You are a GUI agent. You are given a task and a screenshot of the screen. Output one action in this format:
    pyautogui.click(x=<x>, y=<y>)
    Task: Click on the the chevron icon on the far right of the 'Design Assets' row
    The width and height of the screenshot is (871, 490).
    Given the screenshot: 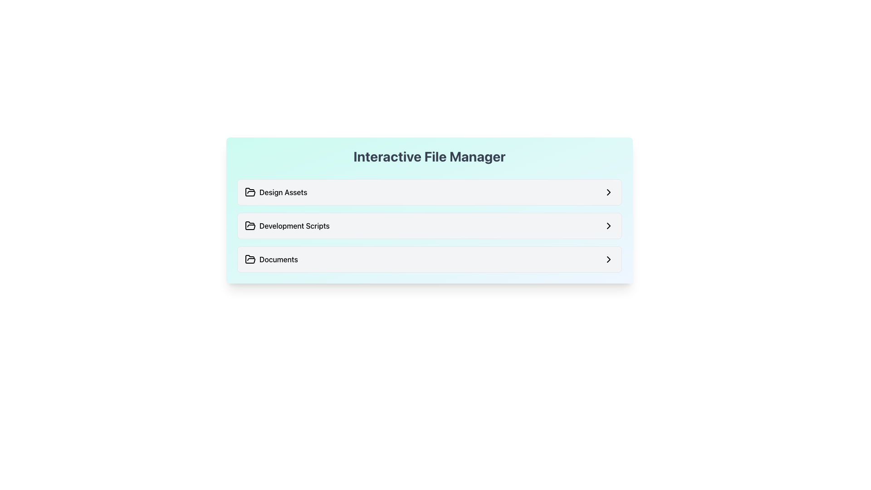 What is the action you would take?
    pyautogui.click(x=609, y=192)
    